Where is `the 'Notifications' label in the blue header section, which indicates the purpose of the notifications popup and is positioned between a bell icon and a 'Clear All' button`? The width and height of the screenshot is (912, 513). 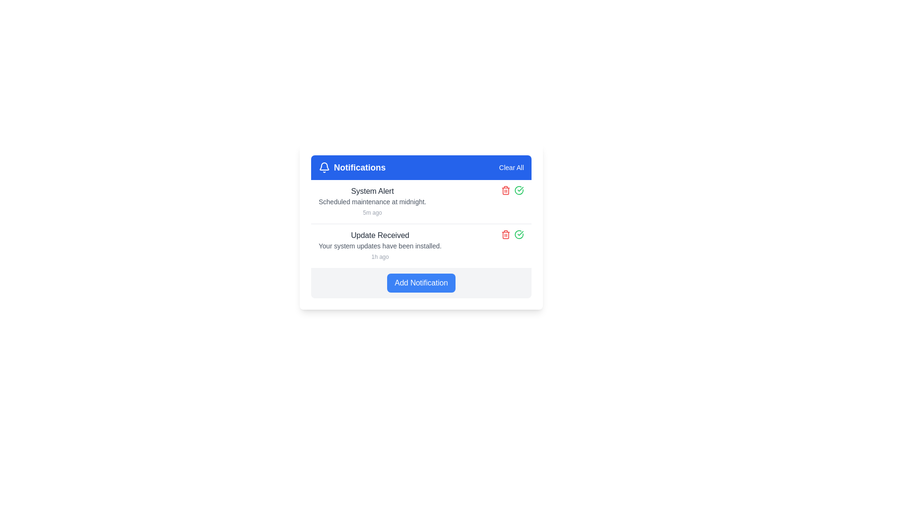
the 'Notifications' label in the blue header section, which indicates the purpose of the notifications popup and is positioned between a bell icon and a 'Clear All' button is located at coordinates (359, 167).